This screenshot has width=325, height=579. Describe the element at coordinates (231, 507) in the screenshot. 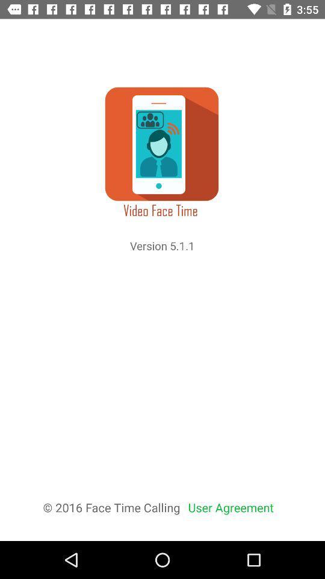

I see `the user agreement icon` at that location.